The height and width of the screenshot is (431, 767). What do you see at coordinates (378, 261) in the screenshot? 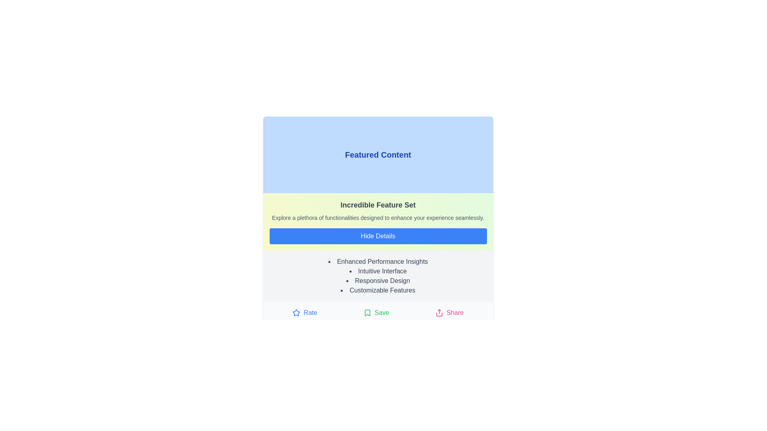
I see `the top-most text label under the 'Incredible Feature Set' section, which conveys a feature description and is not directly interactive` at bounding box center [378, 261].